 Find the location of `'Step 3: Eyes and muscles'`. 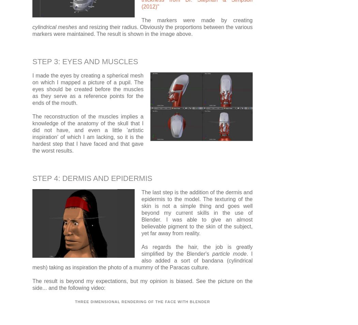

'Step 3: Eyes and muscles' is located at coordinates (85, 61).